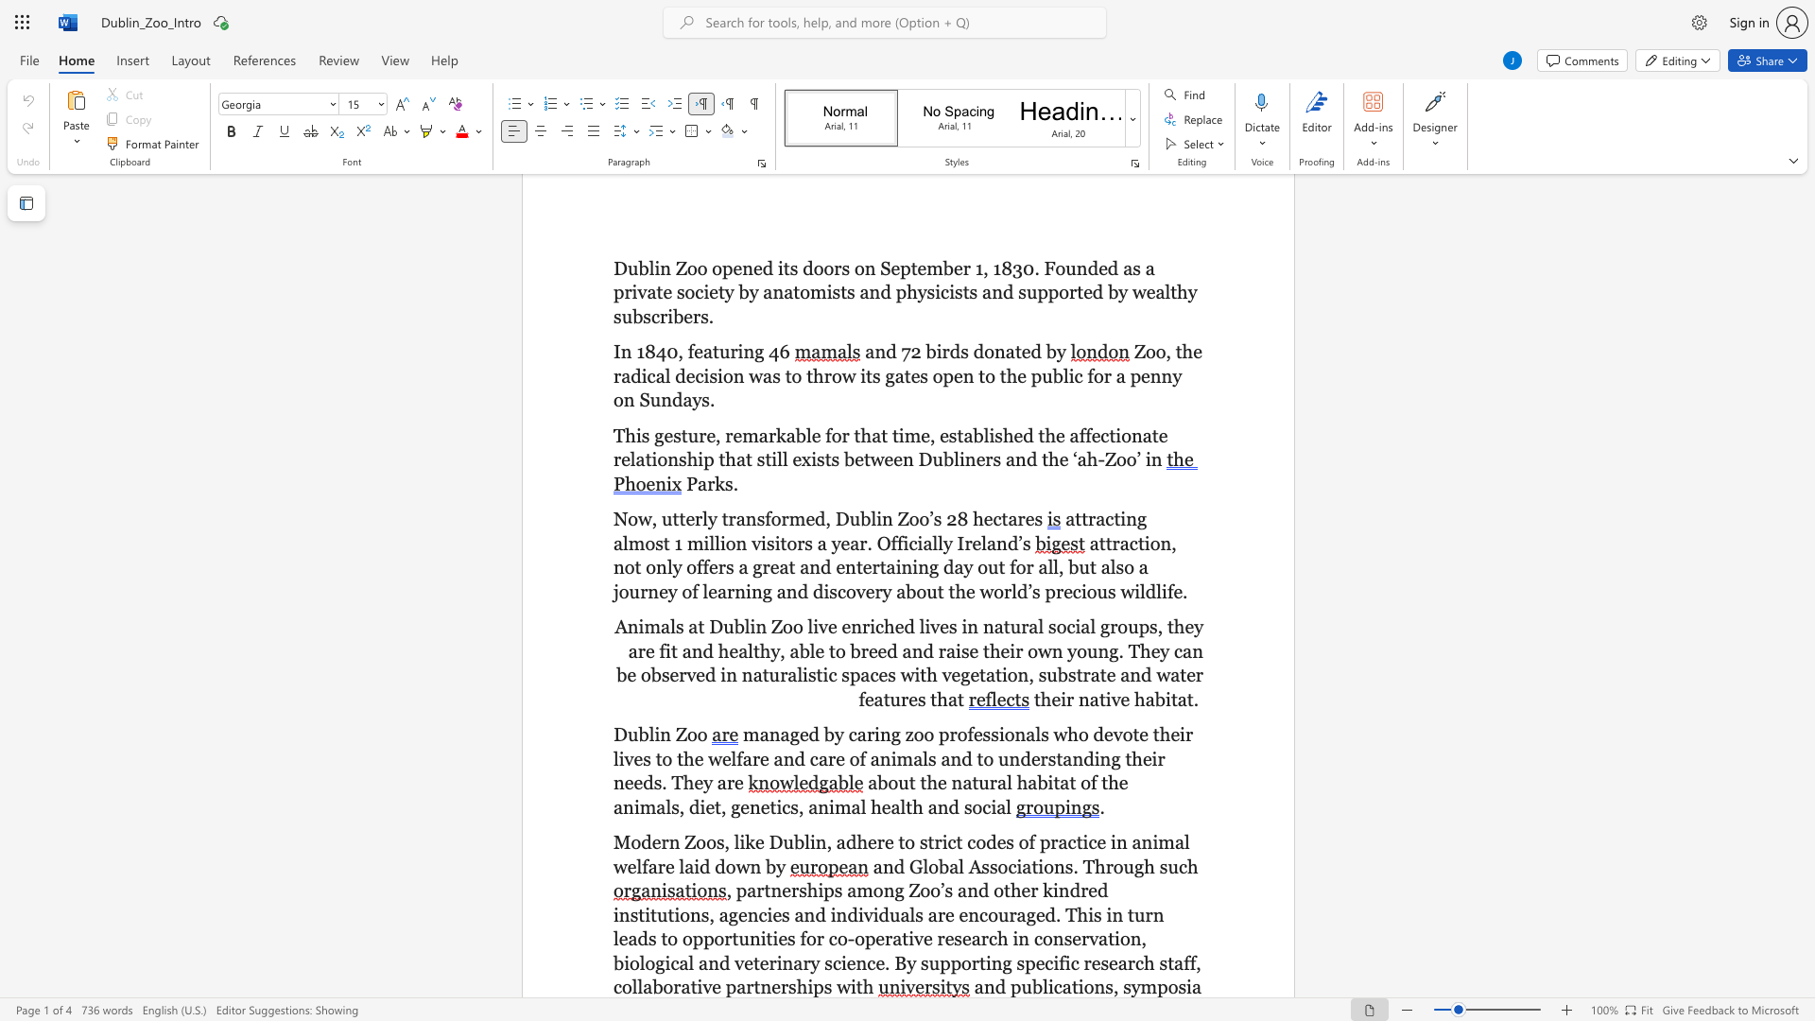 The width and height of the screenshot is (1815, 1021). What do you see at coordinates (994, 986) in the screenshot?
I see `the subset text "d publicati" within the text "and publications,"` at bounding box center [994, 986].